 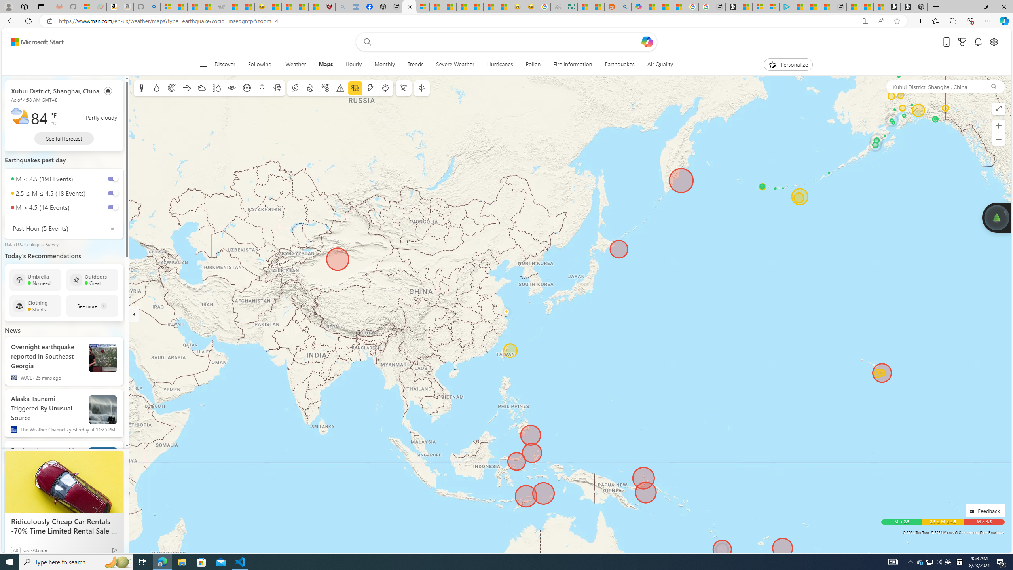 What do you see at coordinates (881, 21) in the screenshot?
I see `'Read aloud this page (Ctrl+Shift+U)'` at bounding box center [881, 21].